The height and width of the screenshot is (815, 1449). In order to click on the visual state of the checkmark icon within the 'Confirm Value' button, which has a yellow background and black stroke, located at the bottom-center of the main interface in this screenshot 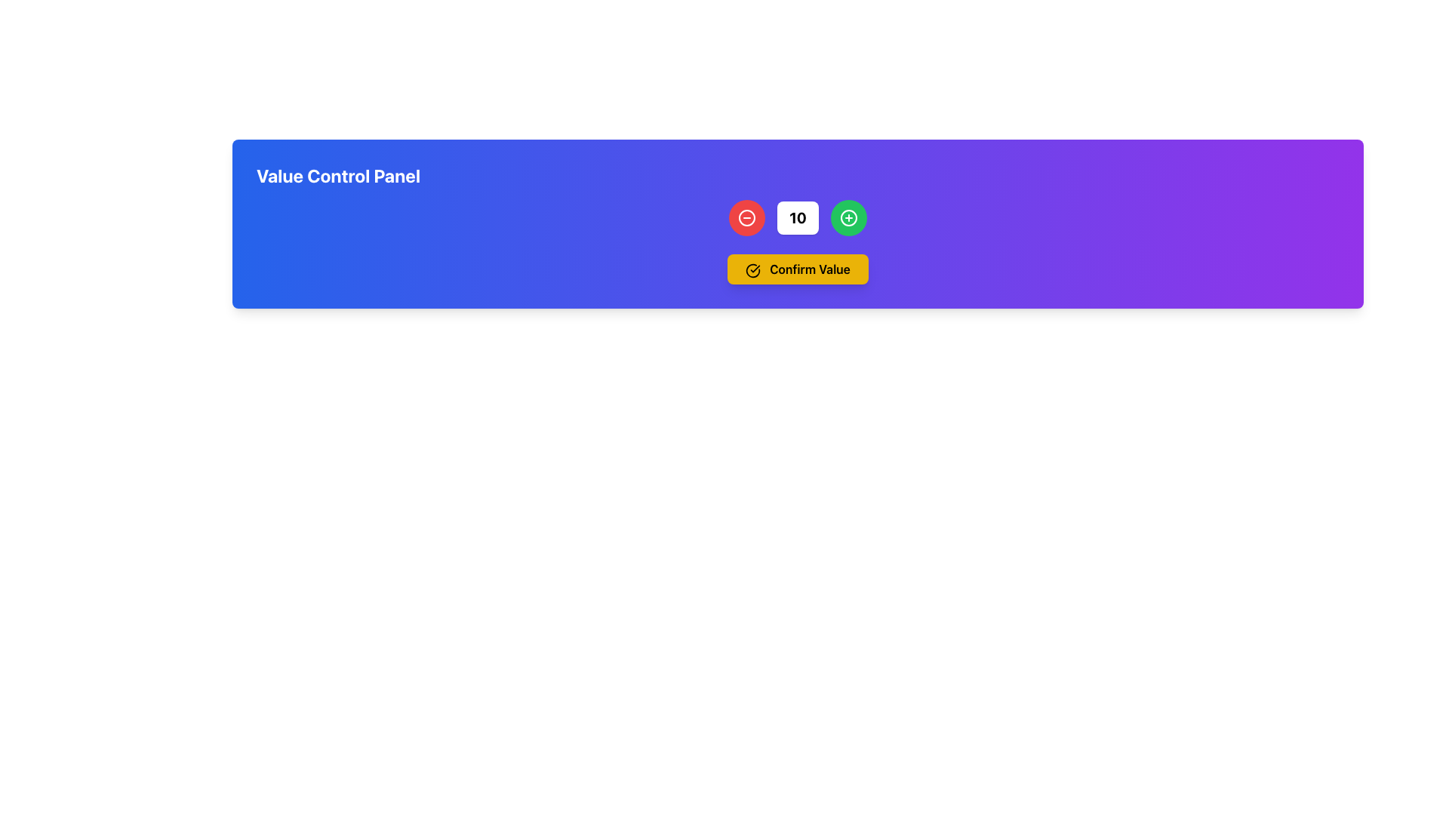, I will do `click(753, 269)`.